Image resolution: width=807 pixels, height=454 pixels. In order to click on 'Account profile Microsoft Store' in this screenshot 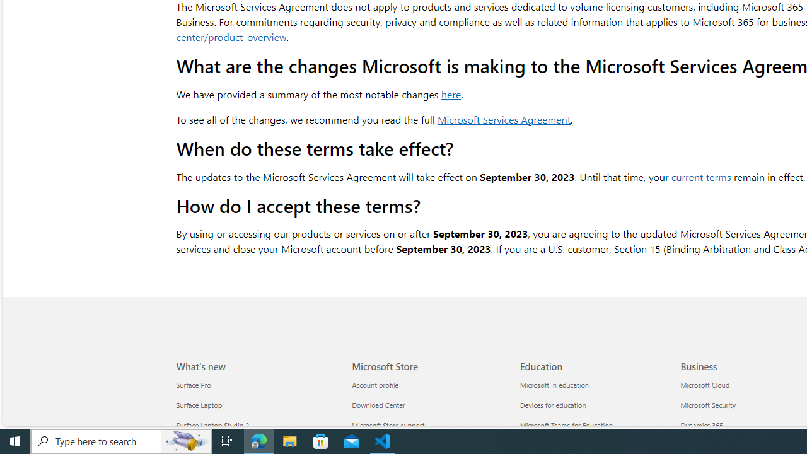, I will do `click(374, 385)`.